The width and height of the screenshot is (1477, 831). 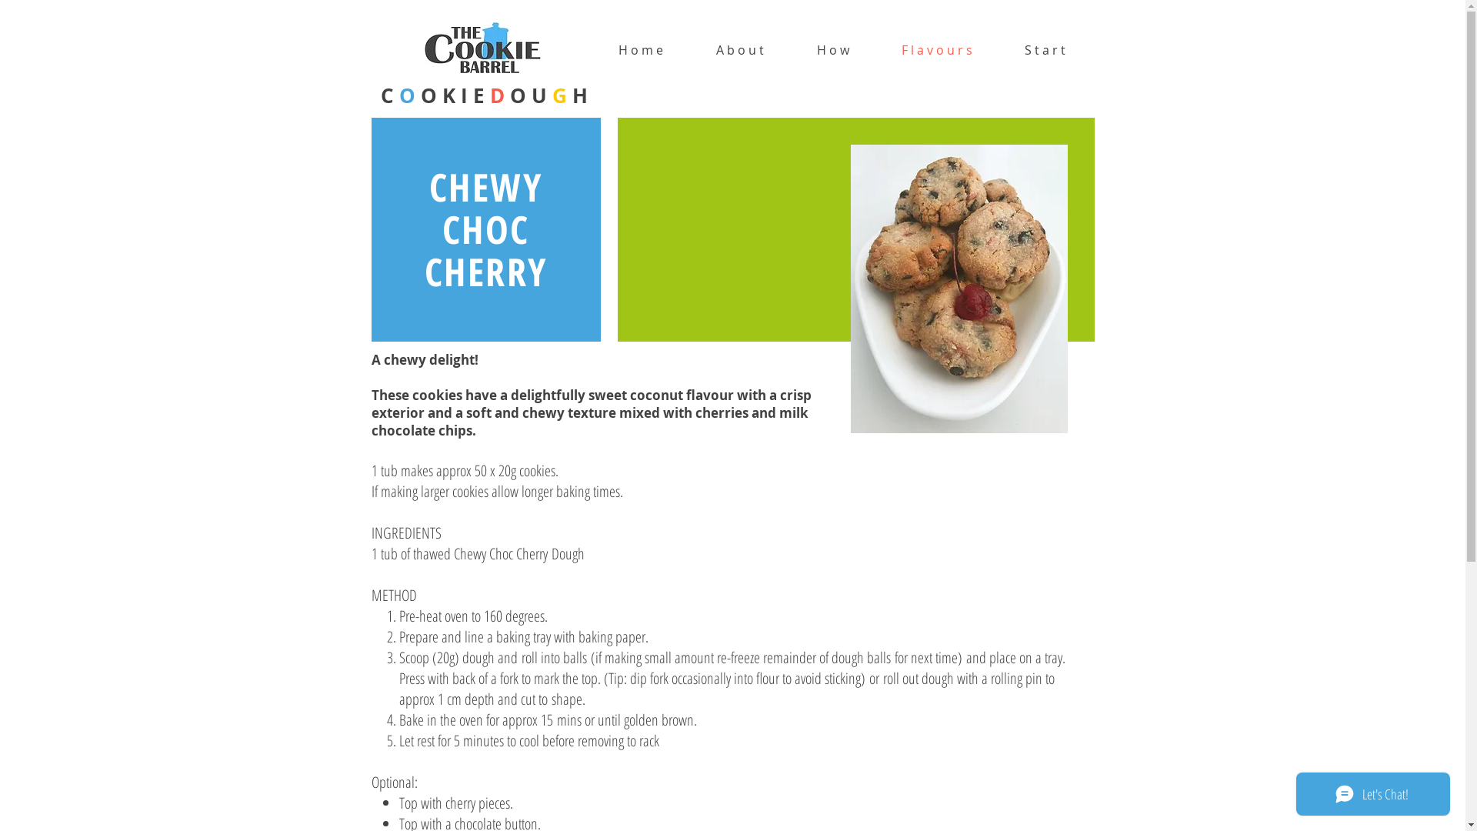 What do you see at coordinates (1045, 49) in the screenshot?
I see `'S t a r t'` at bounding box center [1045, 49].